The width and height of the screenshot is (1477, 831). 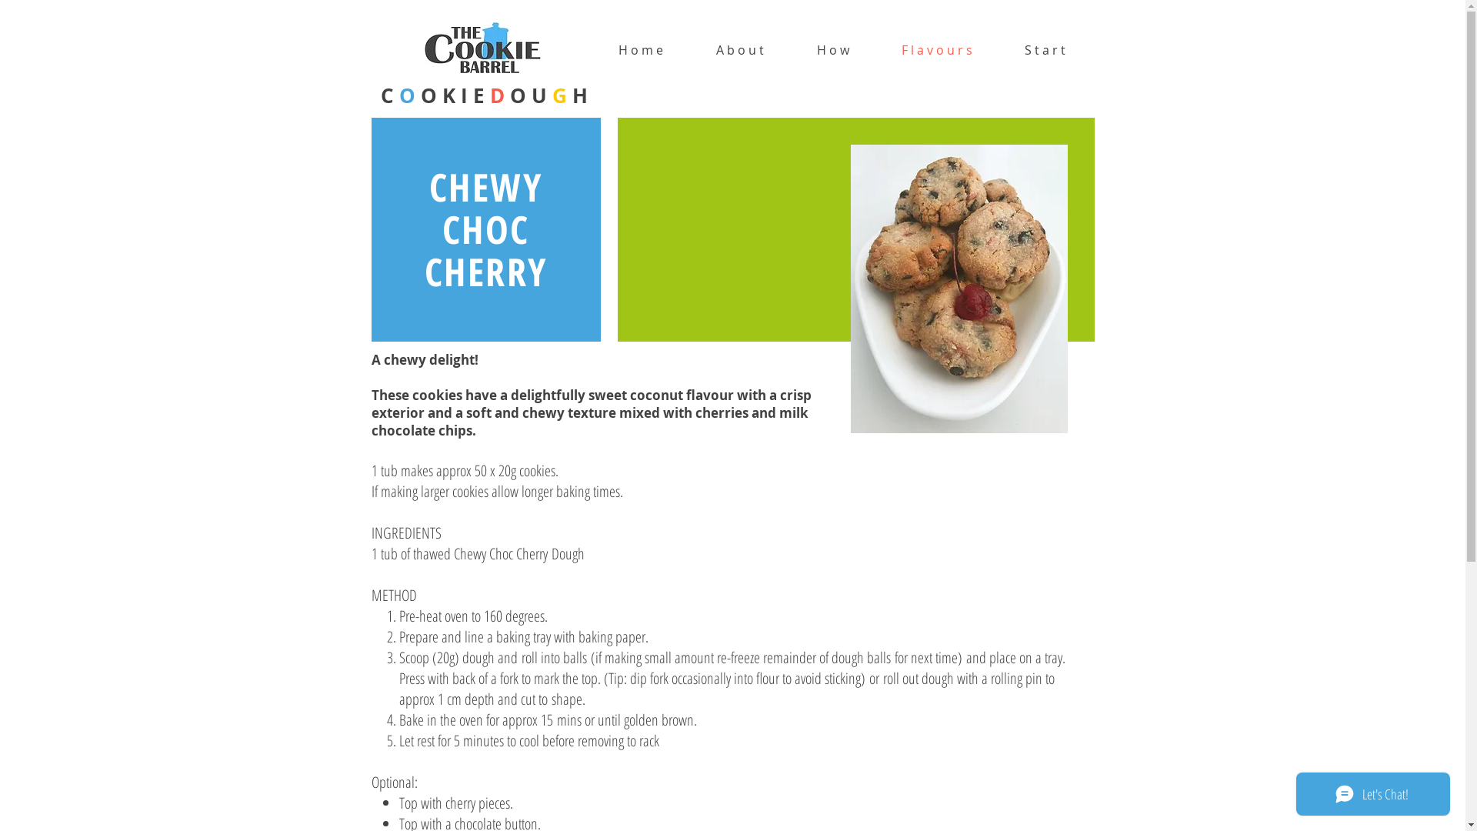 What do you see at coordinates (1045, 49) in the screenshot?
I see `'S t a r t'` at bounding box center [1045, 49].